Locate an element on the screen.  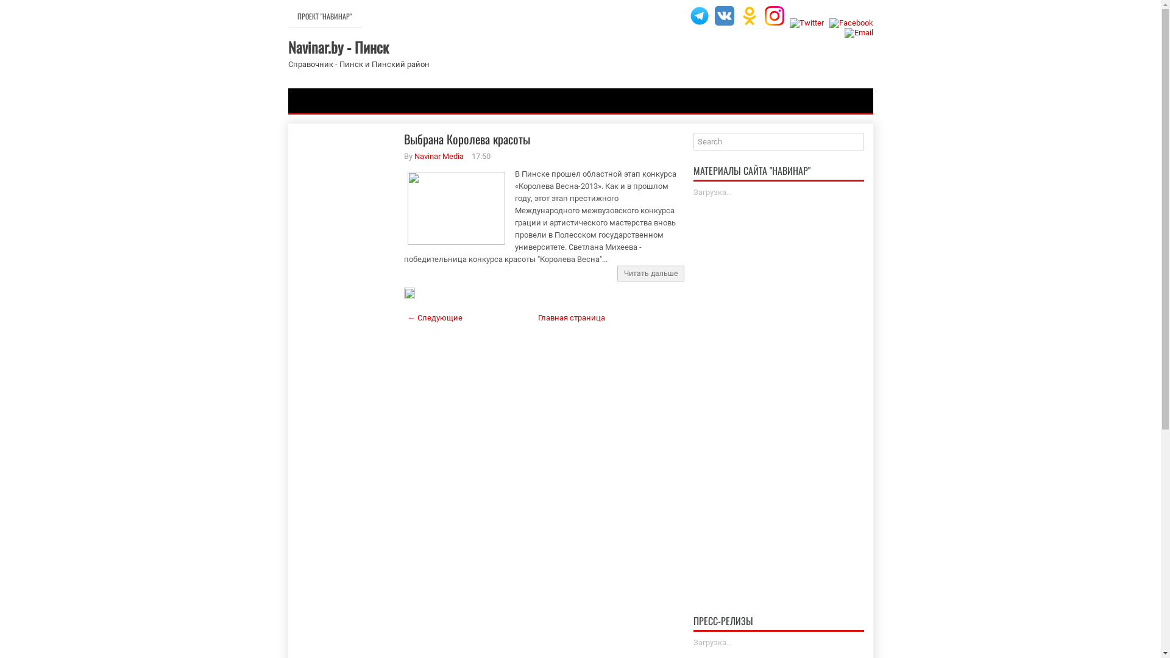
'Facebook' is located at coordinates (850, 23).